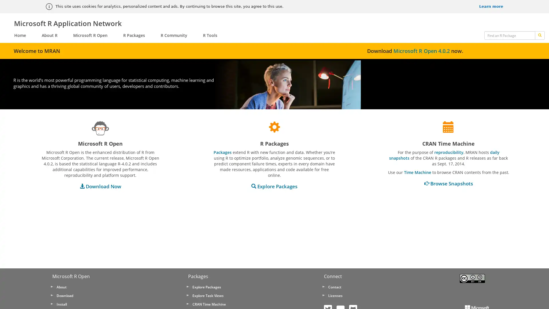  Describe the element at coordinates (539, 35) in the screenshot. I see `Search Package` at that location.